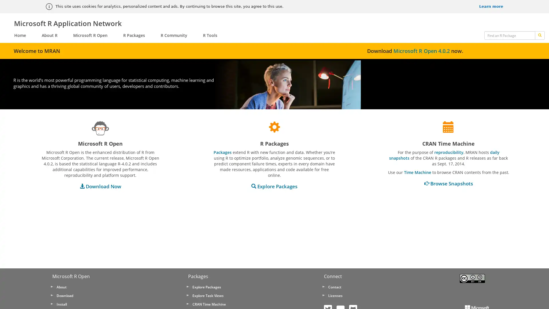  Describe the element at coordinates (539, 35) in the screenshot. I see `Search Package` at that location.